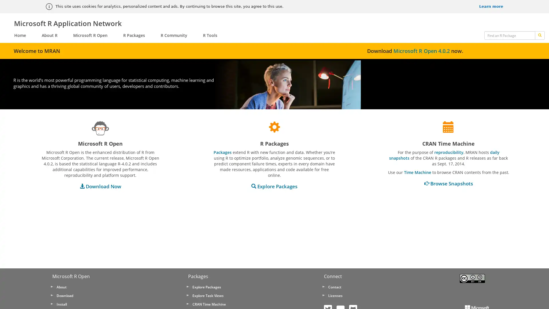  Describe the element at coordinates (539, 35) in the screenshot. I see `Search Package` at that location.